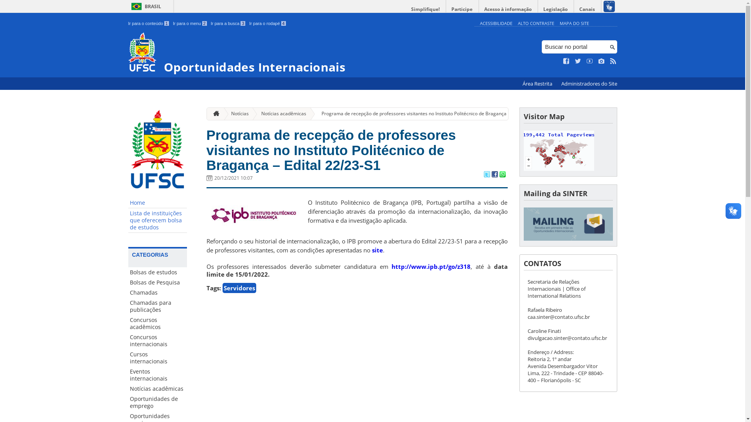 The image size is (751, 422). What do you see at coordinates (238, 288) in the screenshot?
I see `'Servidores'` at bounding box center [238, 288].